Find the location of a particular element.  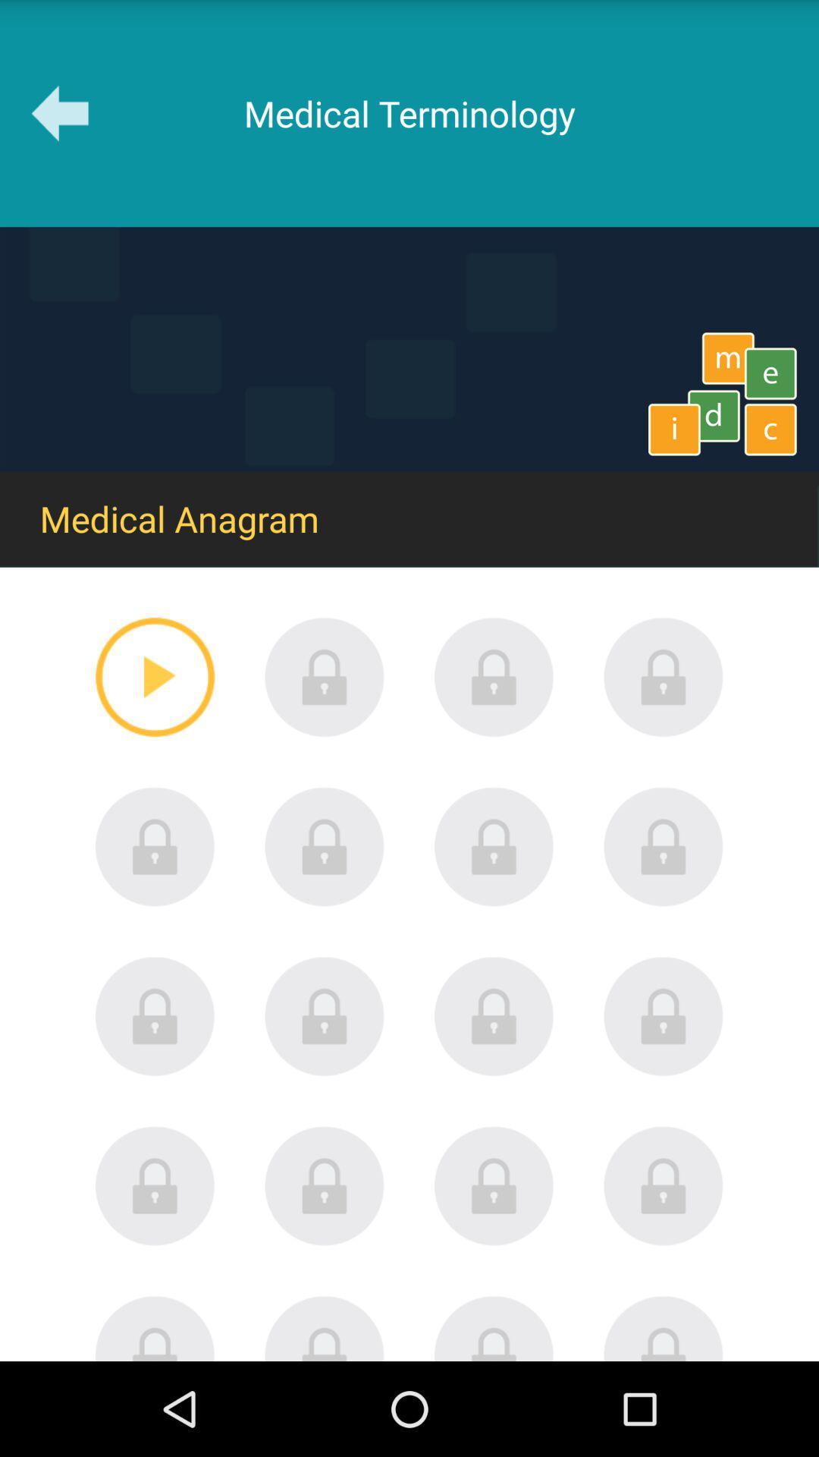

the lock icon is located at coordinates (494, 906).